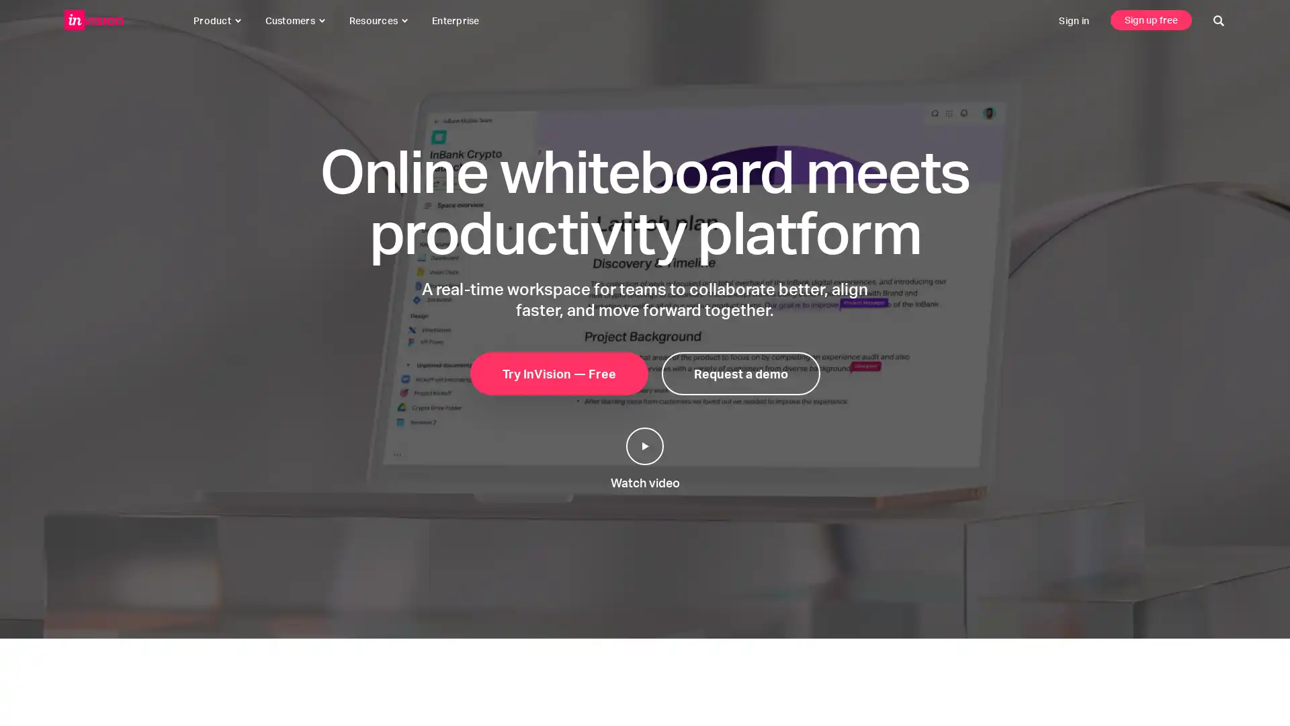 The image size is (1290, 726). What do you see at coordinates (558, 373) in the screenshot?
I see `try invision  free` at bounding box center [558, 373].